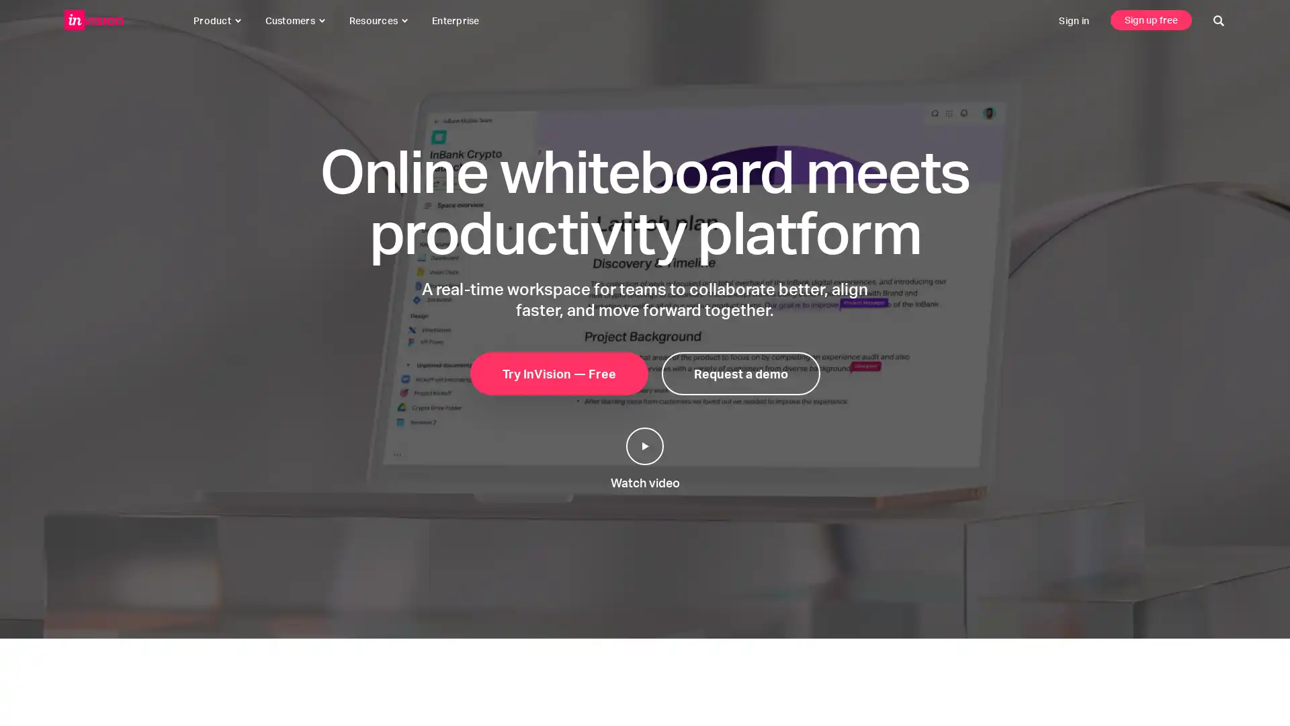 The image size is (1290, 726). What do you see at coordinates (558, 373) in the screenshot?
I see `try invision  free` at bounding box center [558, 373].